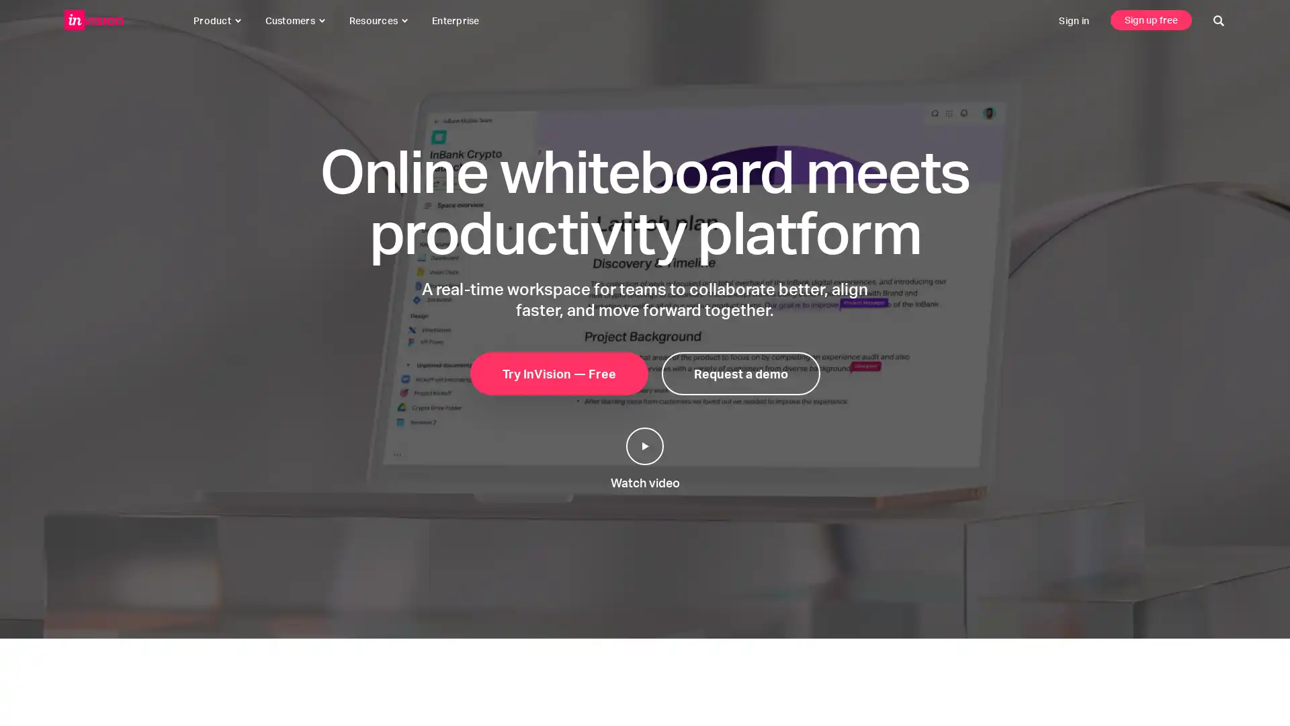 The image size is (1290, 726). What do you see at coordinates (558, 373) in the screenshot?
I see `try invision  free` at bounding box center [558, 373].